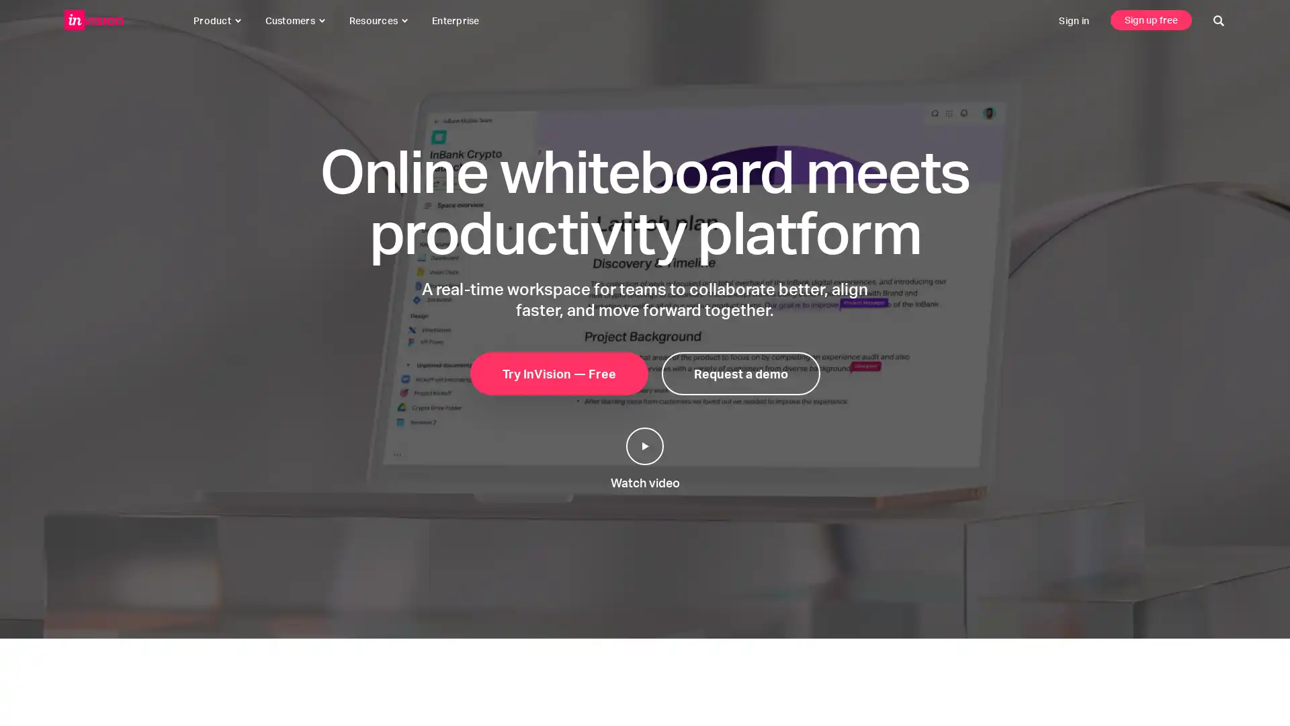 The image size is (1290, 726). What do you see at coordinates (558, 373) in the screenshot?
I see `try invision  free` at bounding box center [558, 373].